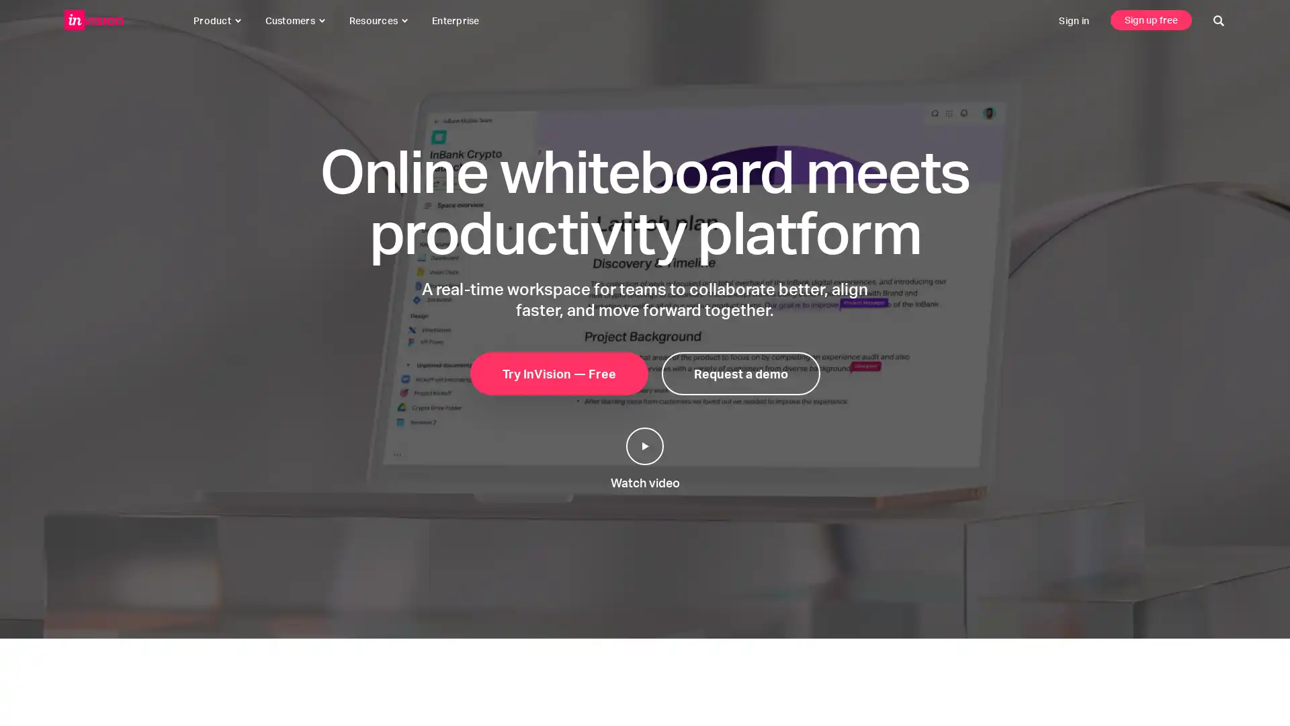 The image size is (1290, 726). What do you see at coordinates (558, 373) in the screenshot?
I see `try invision  free` at bounding box center [558, 373].